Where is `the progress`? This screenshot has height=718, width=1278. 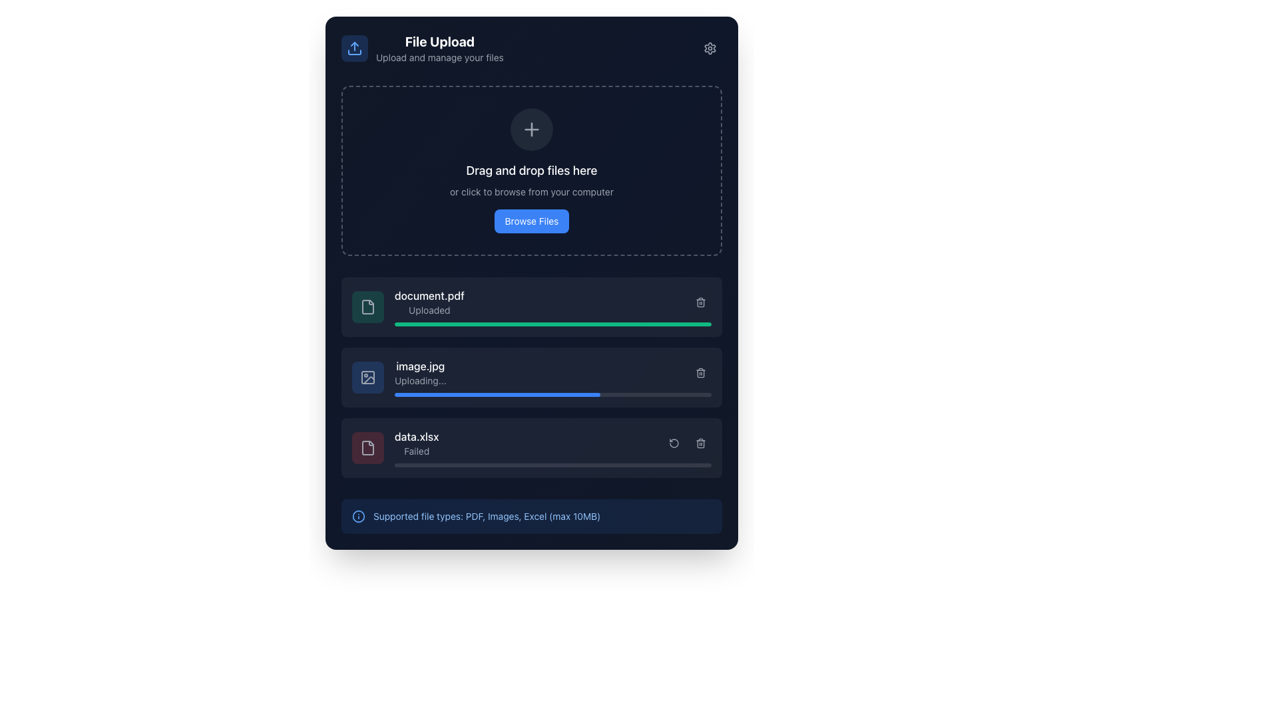 the progress is located at coordinates (603, 464).